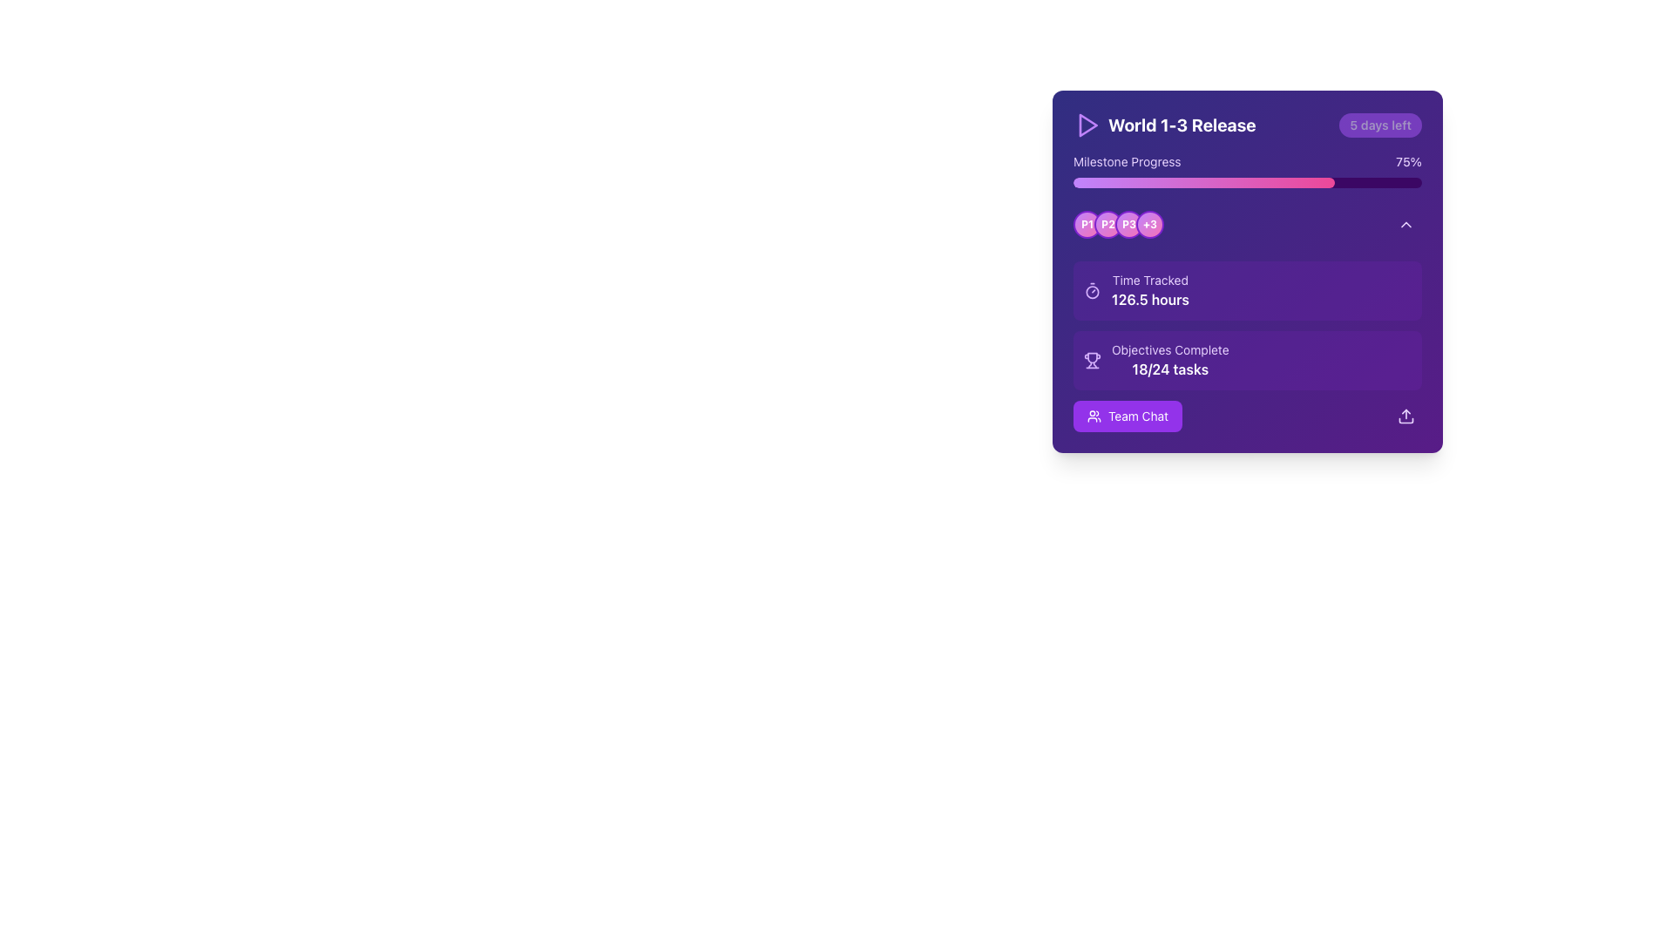 The height and width of the screenshot is (941, 1673). Describe the element at coordinates (1087, 124) in the screenshot. I see `the play icon located at the top-left corner of the 'World 1-3 Release' card` at that location.